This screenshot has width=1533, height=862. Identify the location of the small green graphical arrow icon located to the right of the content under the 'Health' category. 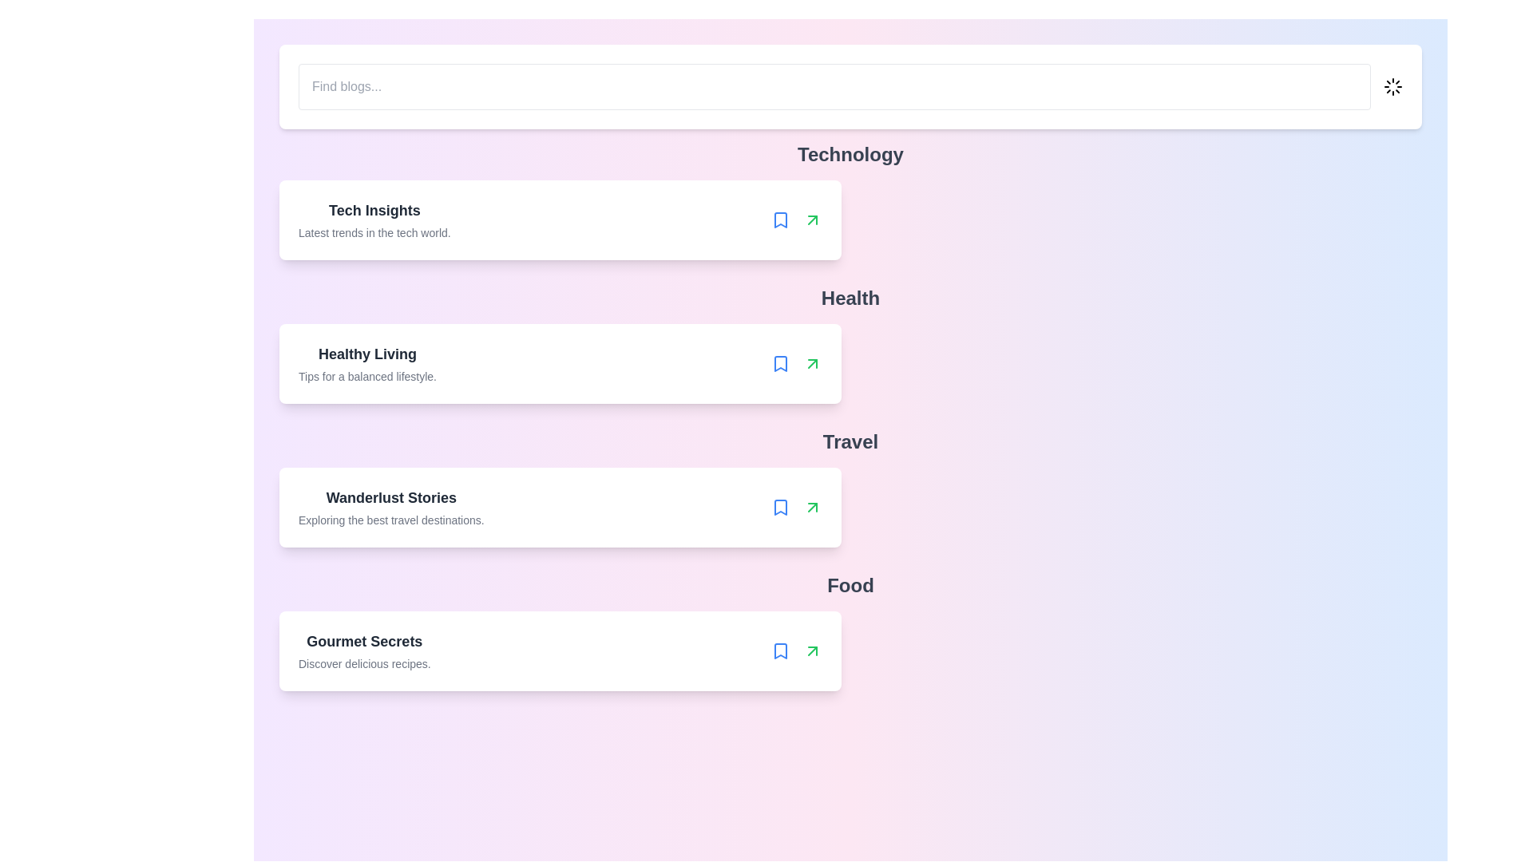
(812, 363).